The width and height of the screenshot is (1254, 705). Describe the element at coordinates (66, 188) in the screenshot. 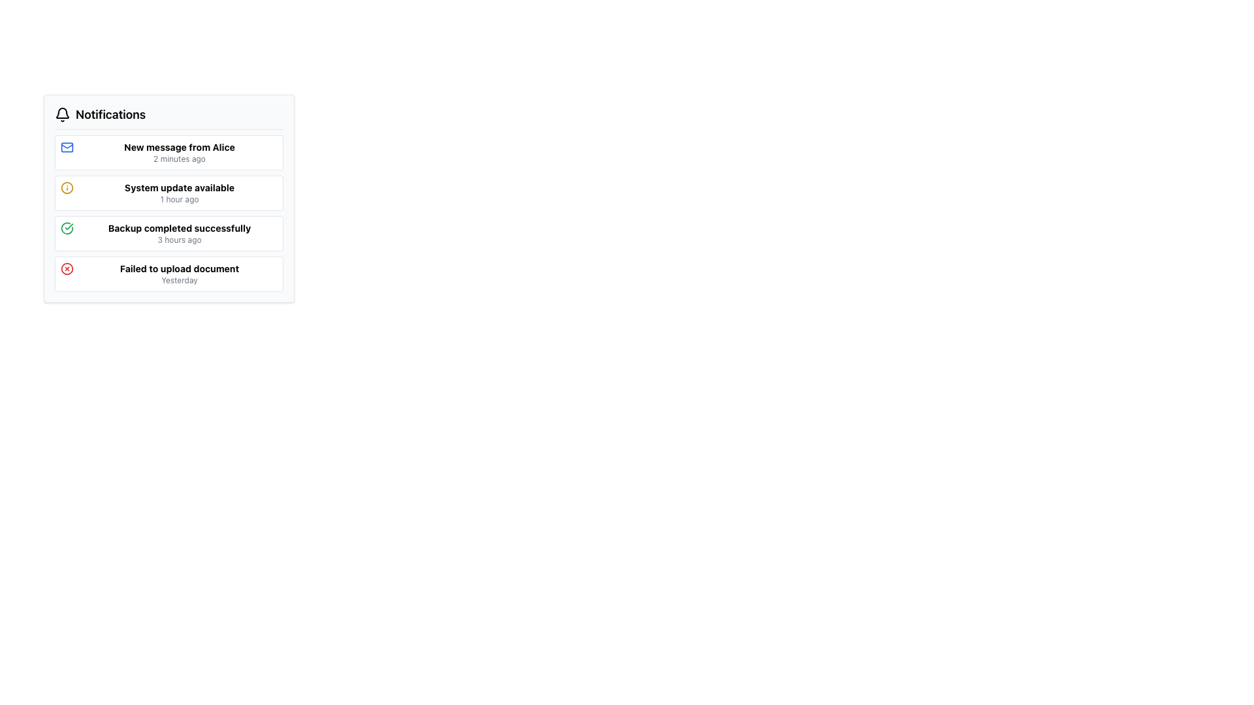

I see `the information or notification icon located at the leftmost side of the notification card labeled 'System update available - 1 hour ago'` at that location.